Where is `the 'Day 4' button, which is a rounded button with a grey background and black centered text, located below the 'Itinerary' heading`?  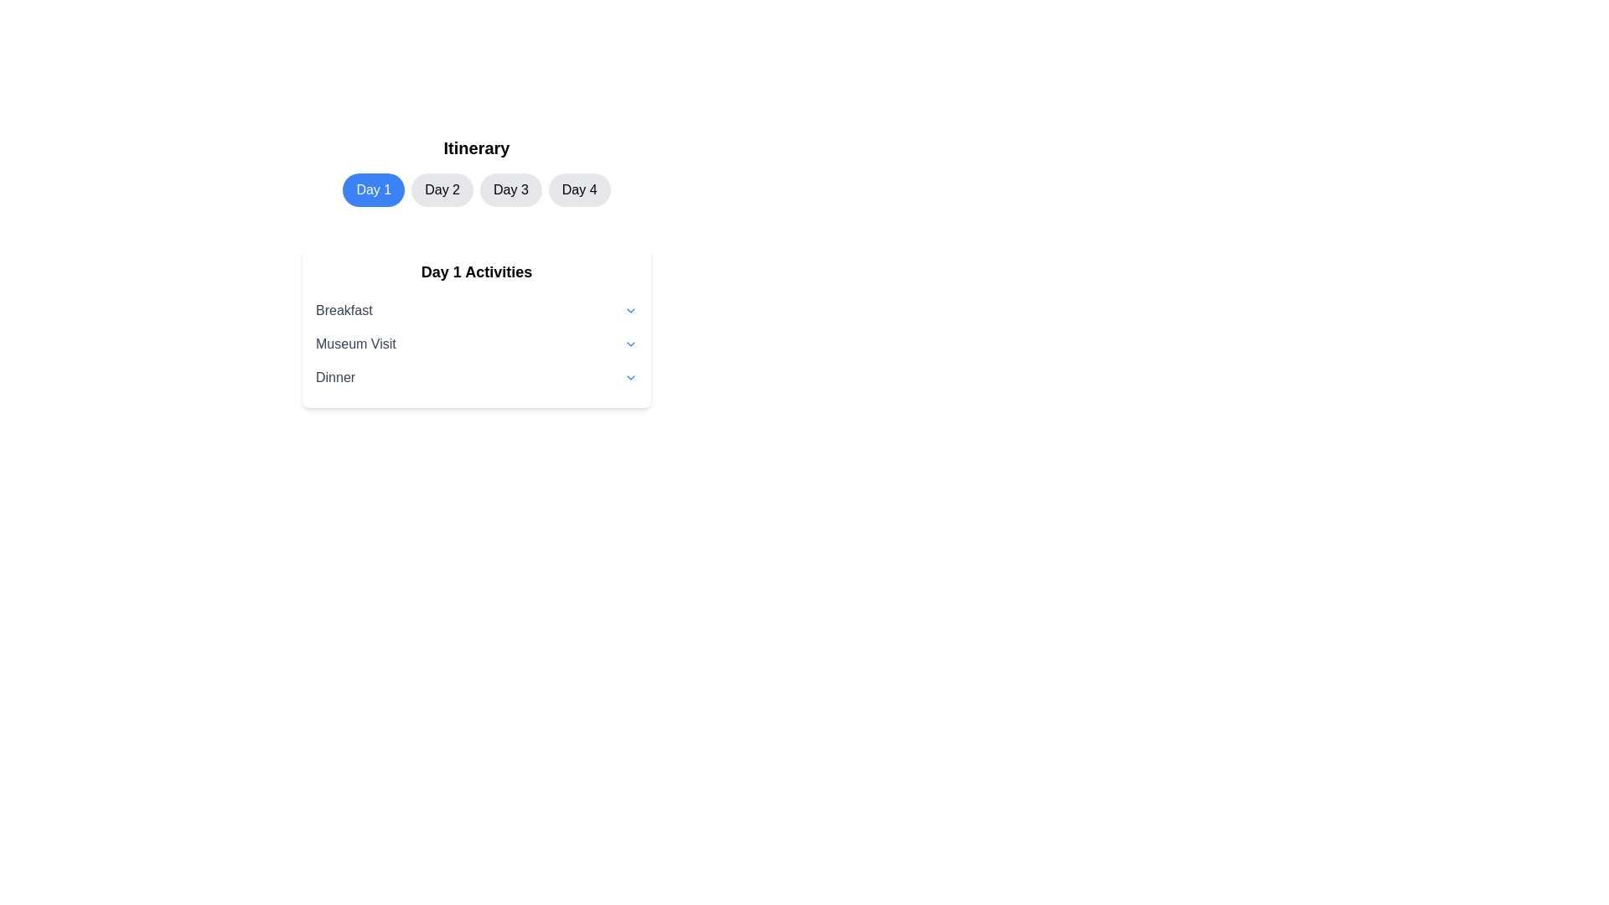 the 'Day 4' button, which is a rounded button with a grey background and black centered text, located below the 'Itinerary' heading is located at coordinates (579, 189).